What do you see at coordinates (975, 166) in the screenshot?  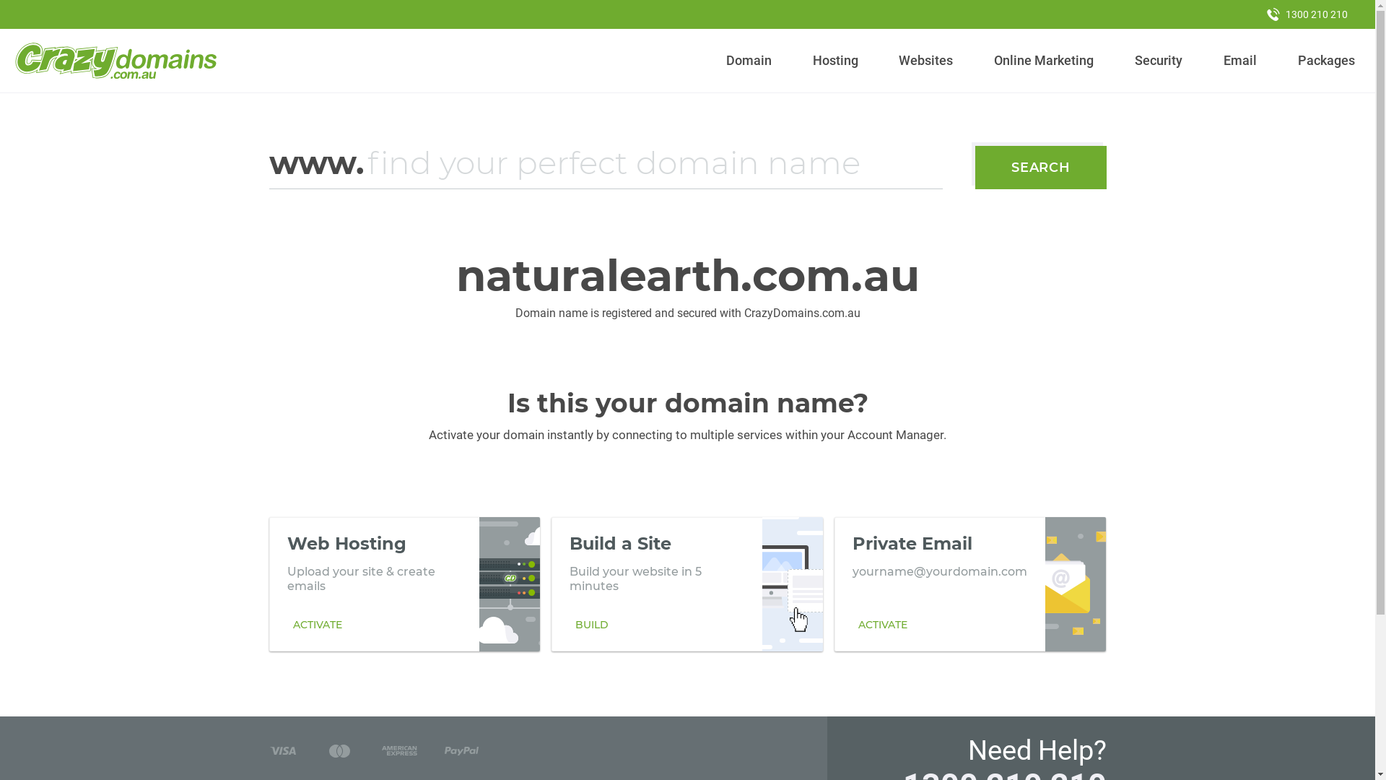 I see `'SEARCH'` at bounding box center [975, 166].